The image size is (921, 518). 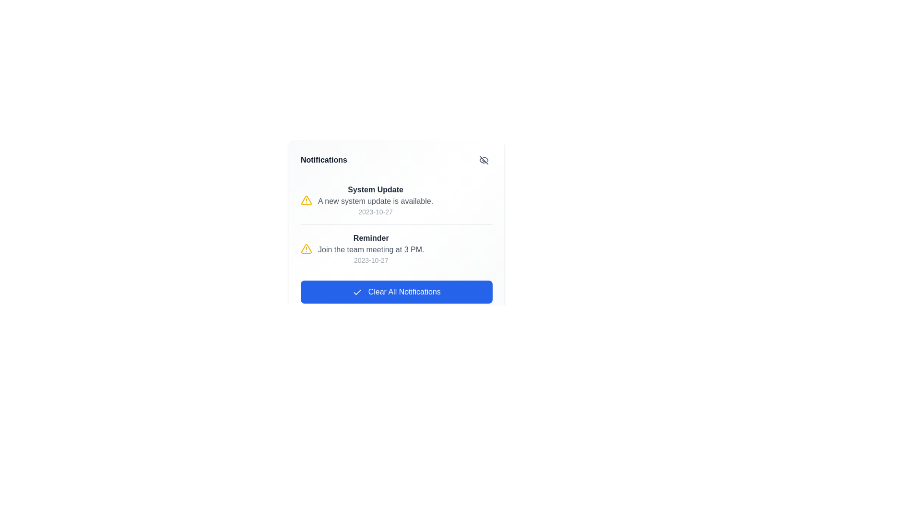 I want to click on the warning icon located to the left of the 'System Update' text in the notification row, which serves to indicate a warning or important notice to the user, so click(x=306, y=200).